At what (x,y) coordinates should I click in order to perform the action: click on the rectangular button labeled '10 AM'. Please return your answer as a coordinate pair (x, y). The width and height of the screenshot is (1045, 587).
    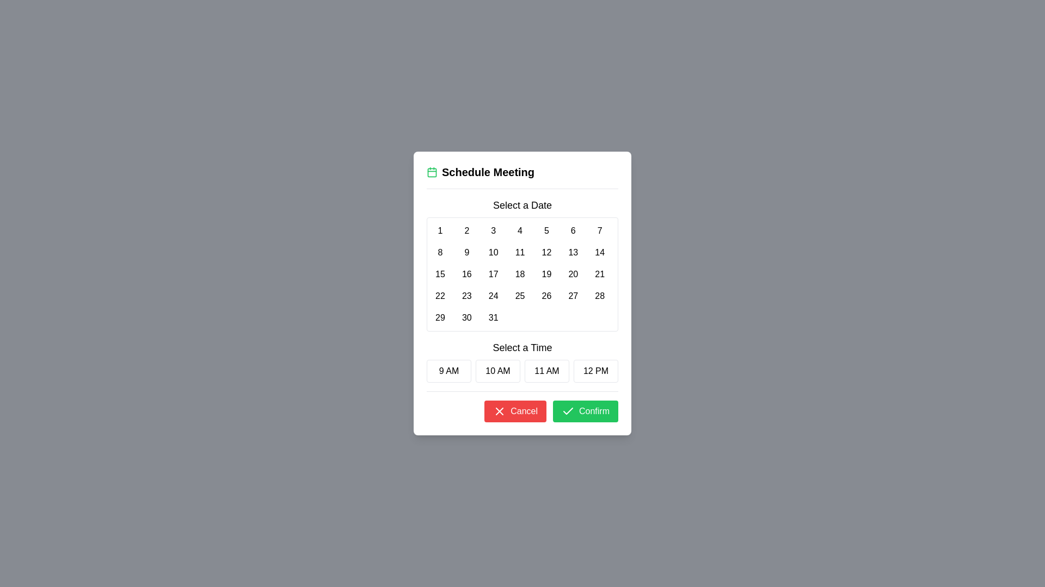
    Looking at the image, I should click on (497, 370).